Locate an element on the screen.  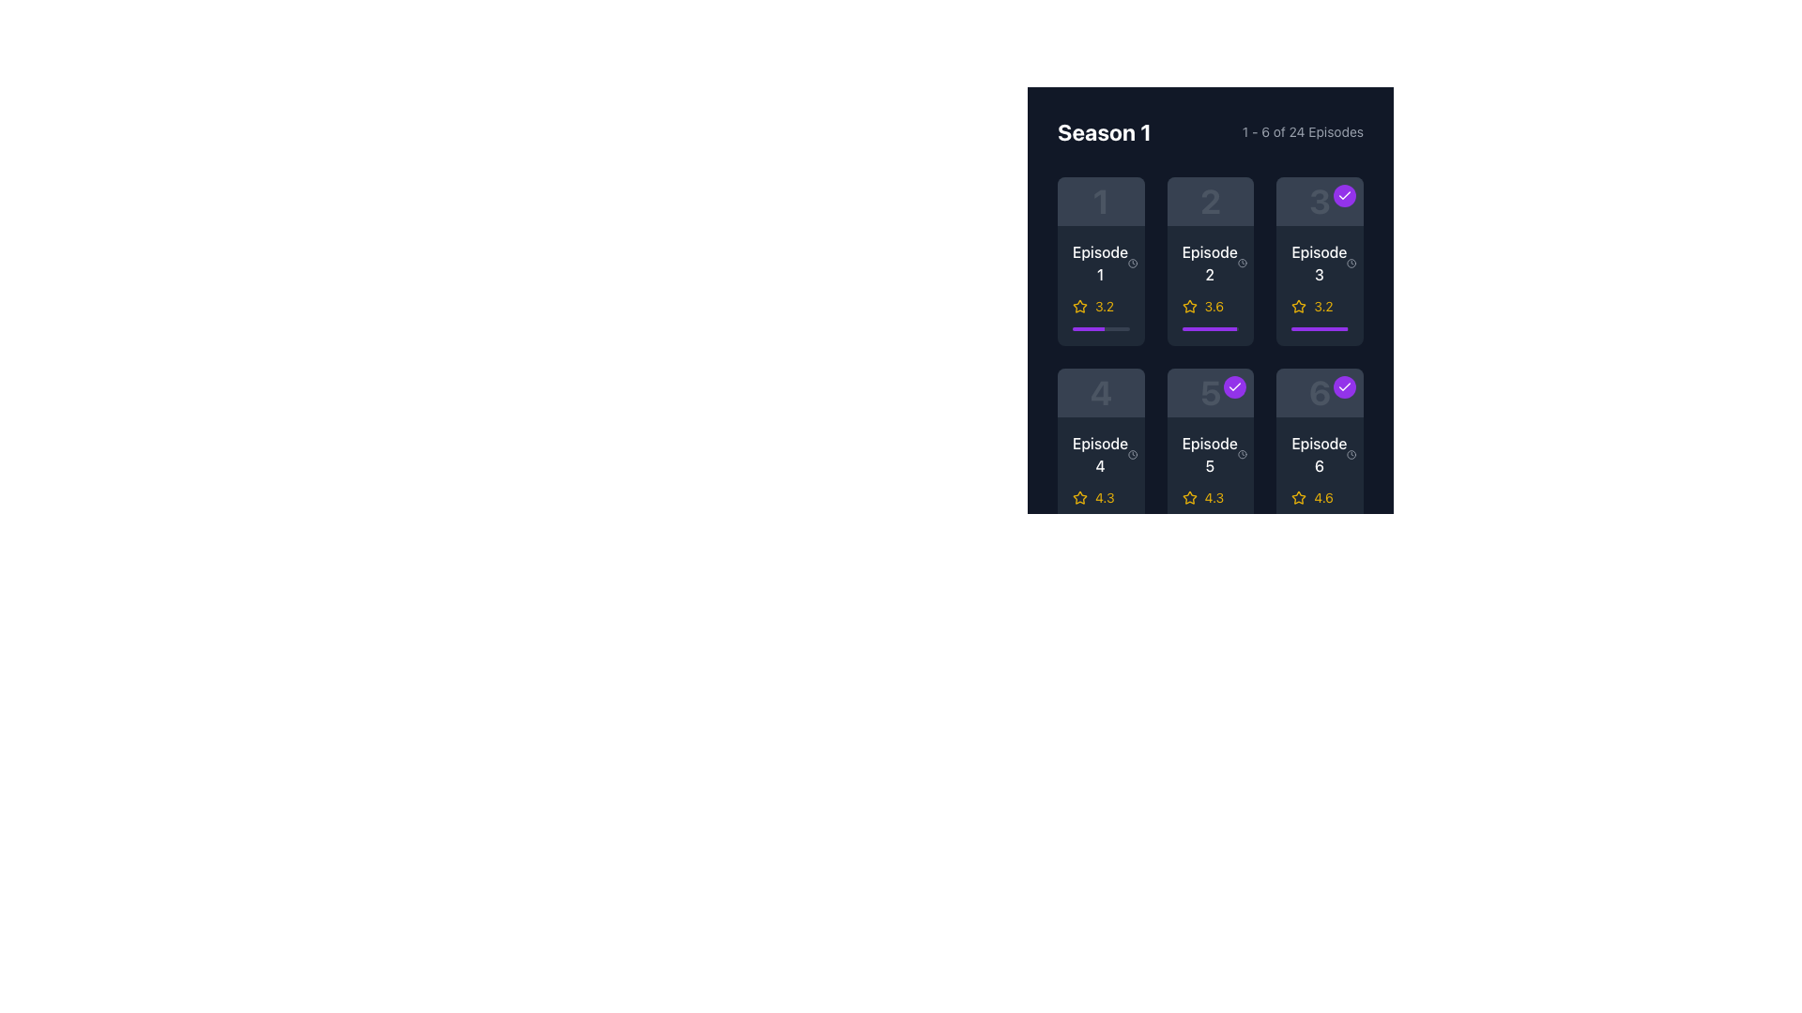
the Informational display card that shows 'Episode 1' is located at coordinates (1101, 286).